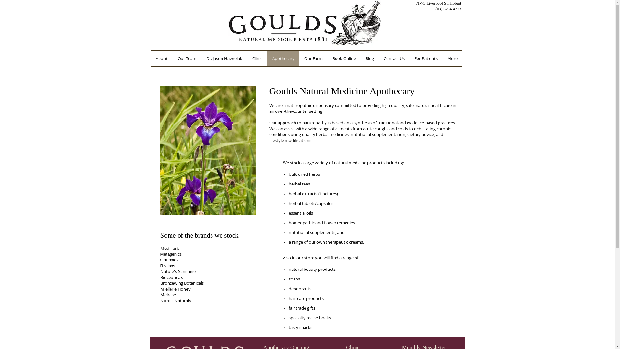 The height and width of the screenshot is (349, 620). What do you see at coordinates (304, 22) in the screenshot?
I see `'GouldsHoriz.jpg'` at bounding box center [304, 22].